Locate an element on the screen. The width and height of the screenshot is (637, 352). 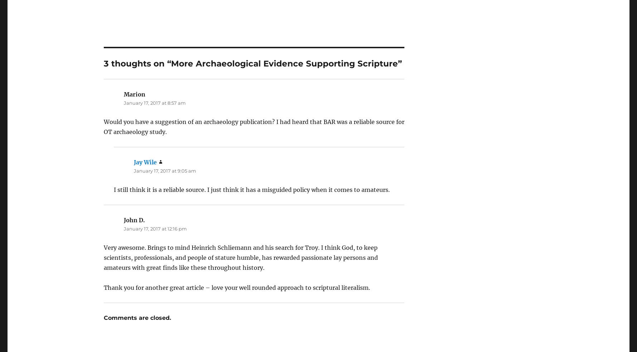
'Very awesome. Brings to mind Heinrich Schliemann and his search for Troy. I think God, to keep scientists,  professionals, and people of stature humble, has rewarded passionate lay persons and amateurs with great finds like these throughout history.' is located at coordinates (240, 237).